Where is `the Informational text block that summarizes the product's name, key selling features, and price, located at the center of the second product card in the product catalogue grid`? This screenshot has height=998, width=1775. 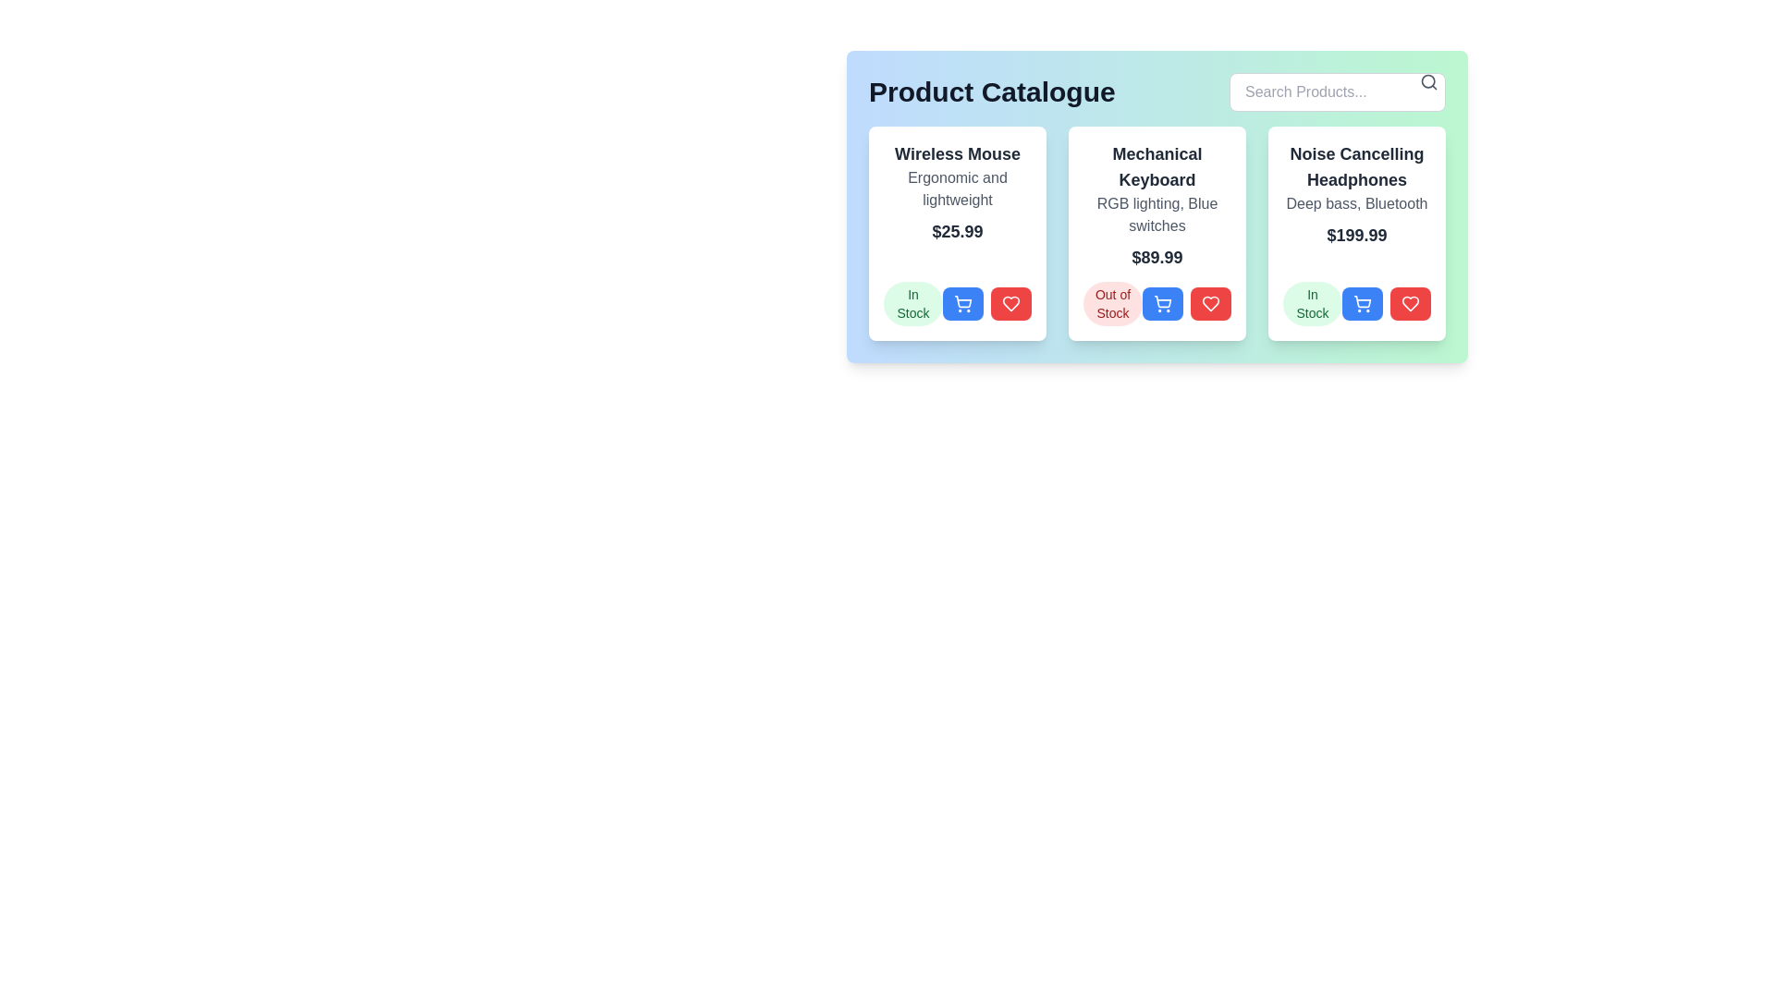 the Informational text block that summarizes the product's name, key selling features, and price, located at the center of the second product card in the product catalogue grid is located at coordinates (1157, 206).